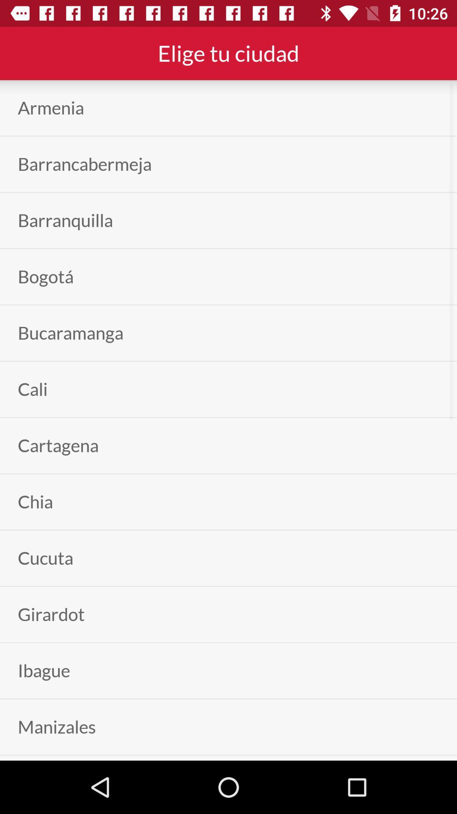 This screenshot has height=814, width=457. Describe the element at coordinates (65, 220) in the screenshot. I see `app below barrancabermeja item` at that location.